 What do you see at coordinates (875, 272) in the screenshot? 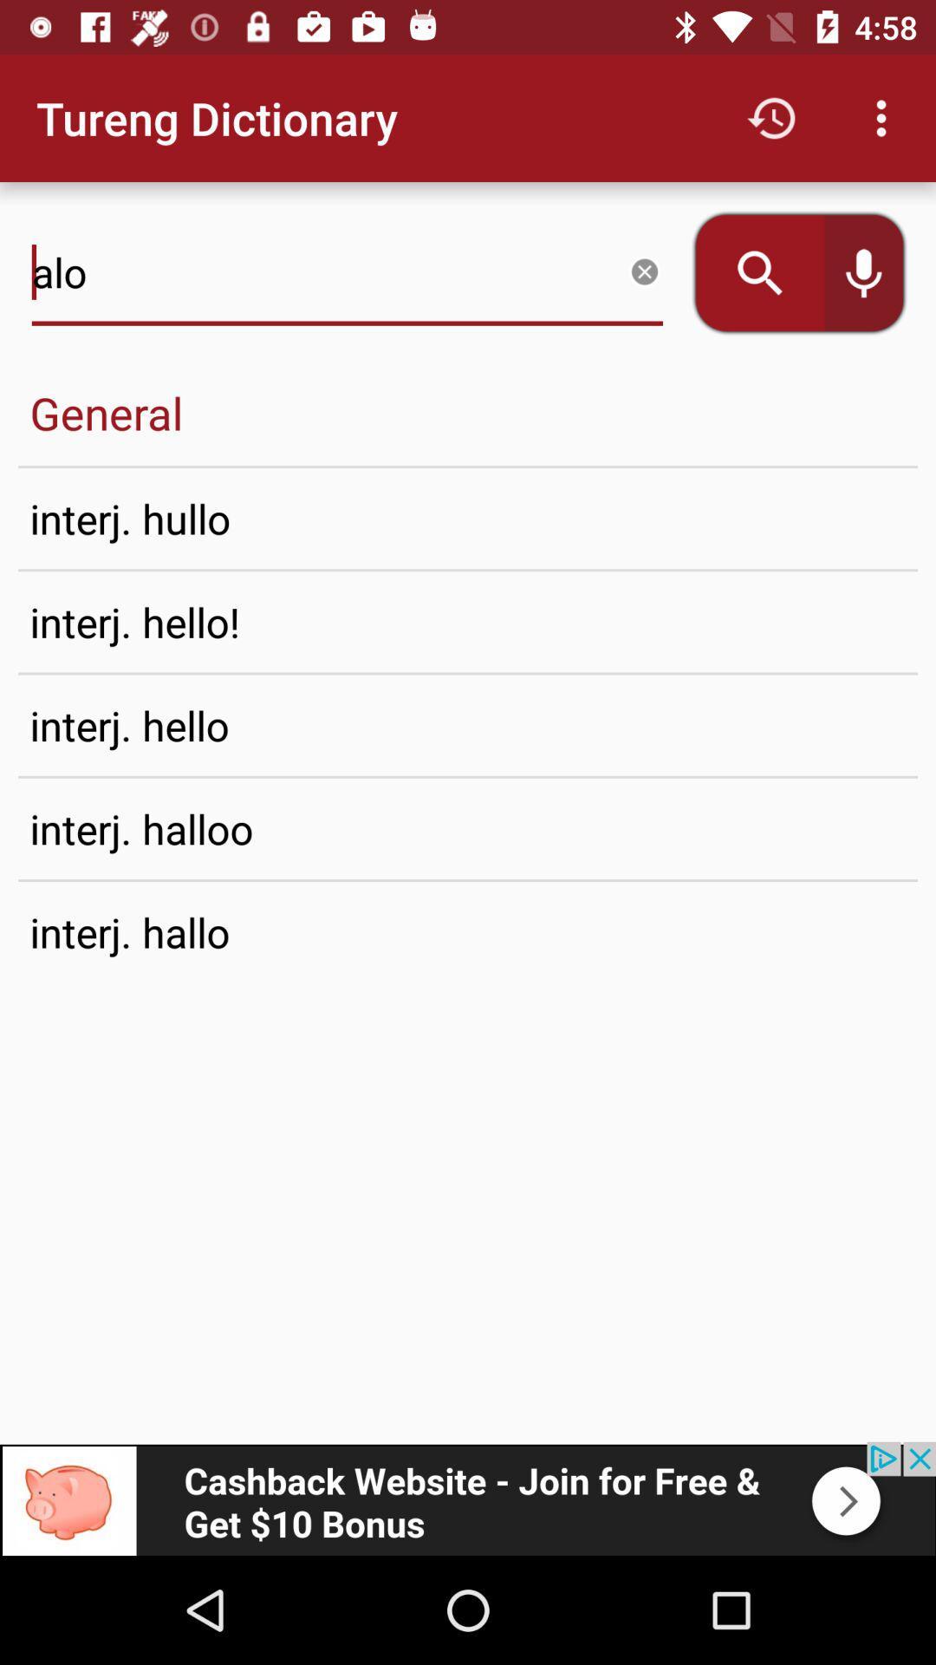
I see `the microphone icon` at bounding box center [875, 272].